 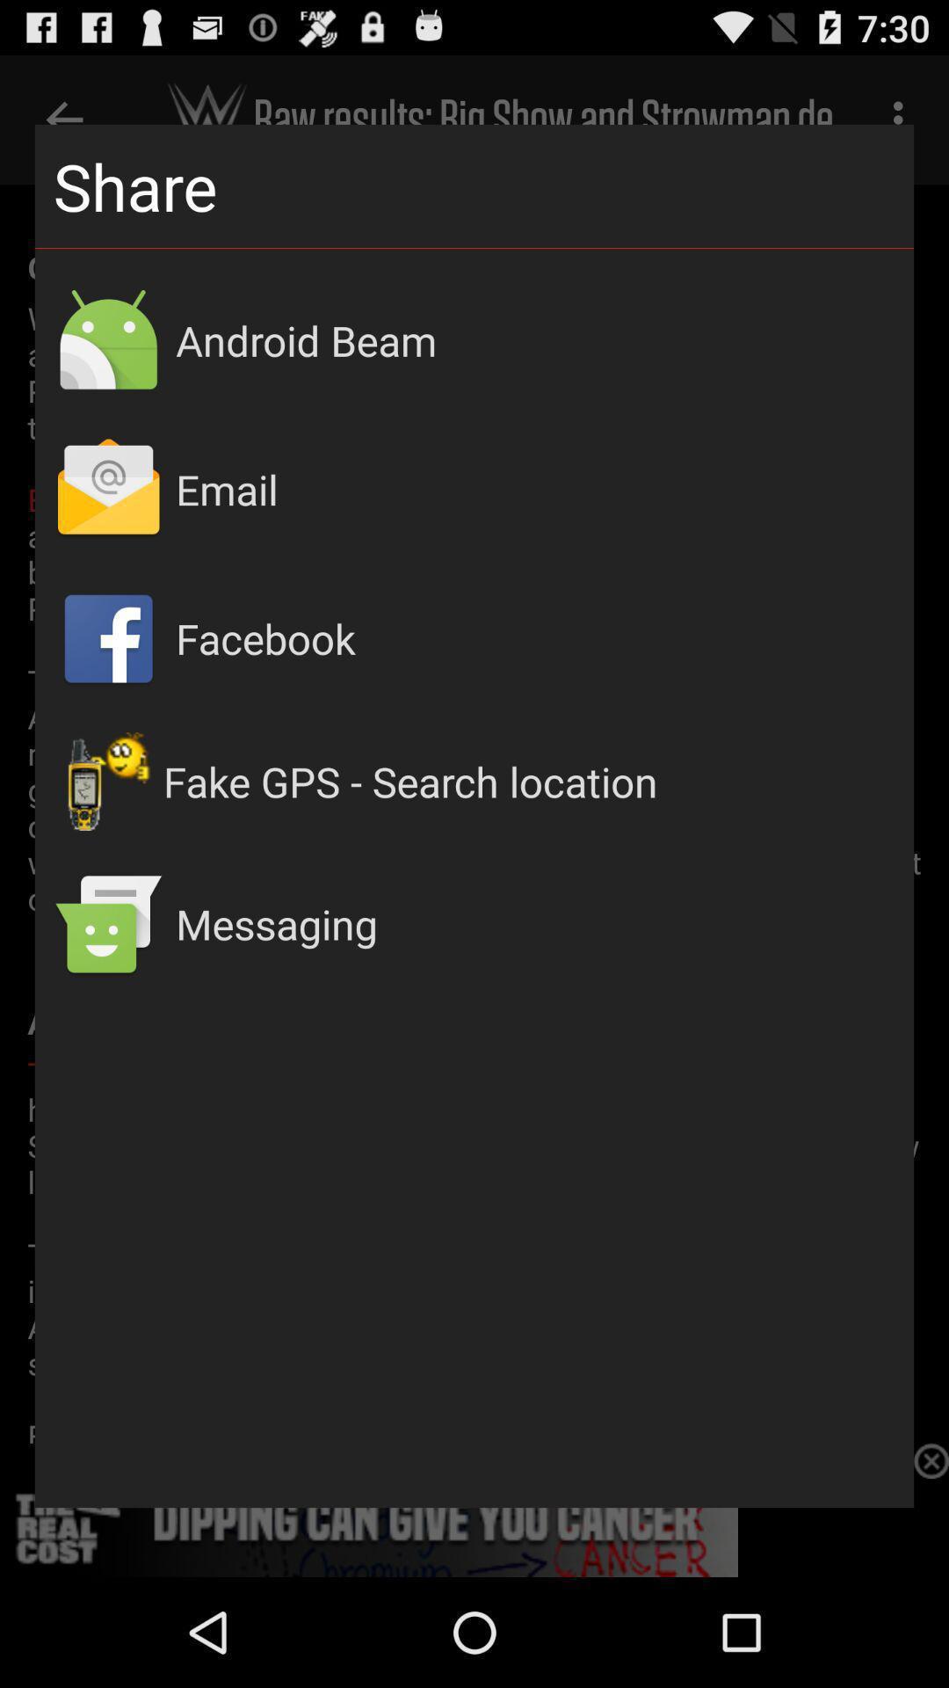 I want to click on android beam icon, so click(x=534, y=340).